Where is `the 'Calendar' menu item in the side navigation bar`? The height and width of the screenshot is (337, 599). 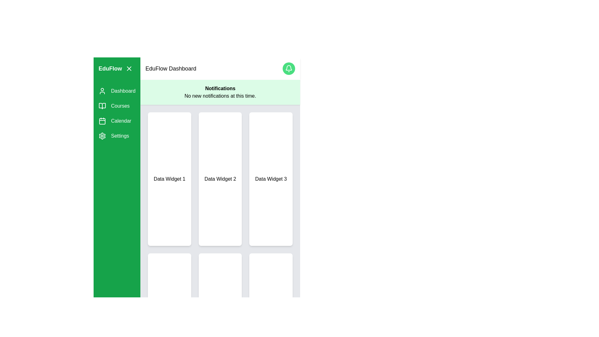
the 'Calendar' menu item in the side navigation bar is located at coordinates (121, 121).